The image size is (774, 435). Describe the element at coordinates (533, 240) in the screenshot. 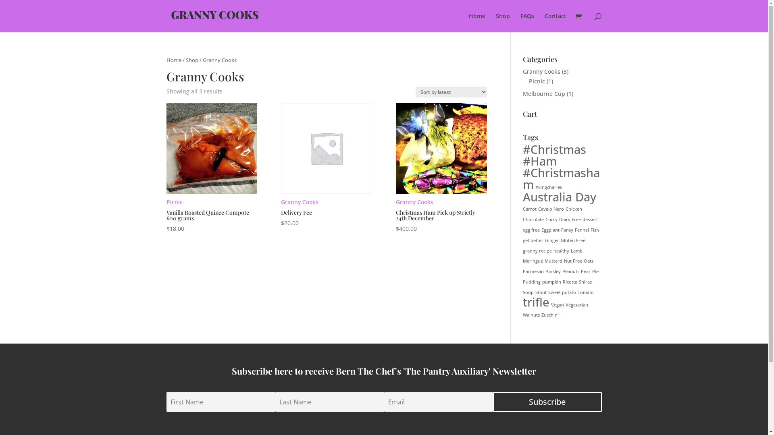

I see `'get better'` at that location.